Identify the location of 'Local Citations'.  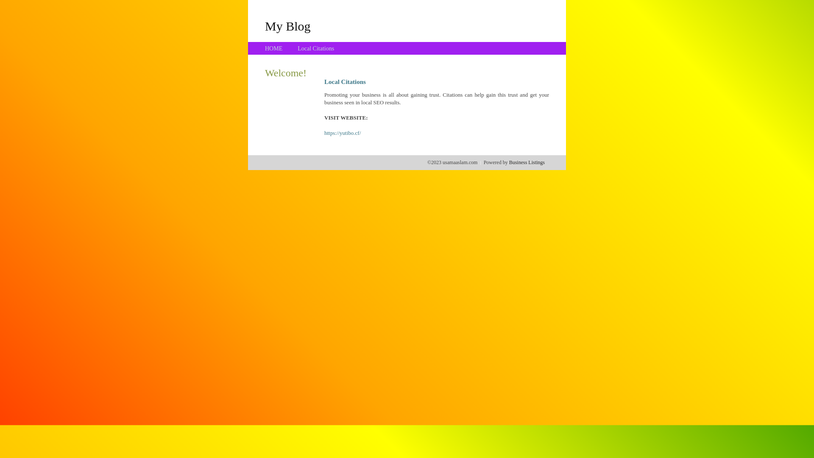
(315, 48).